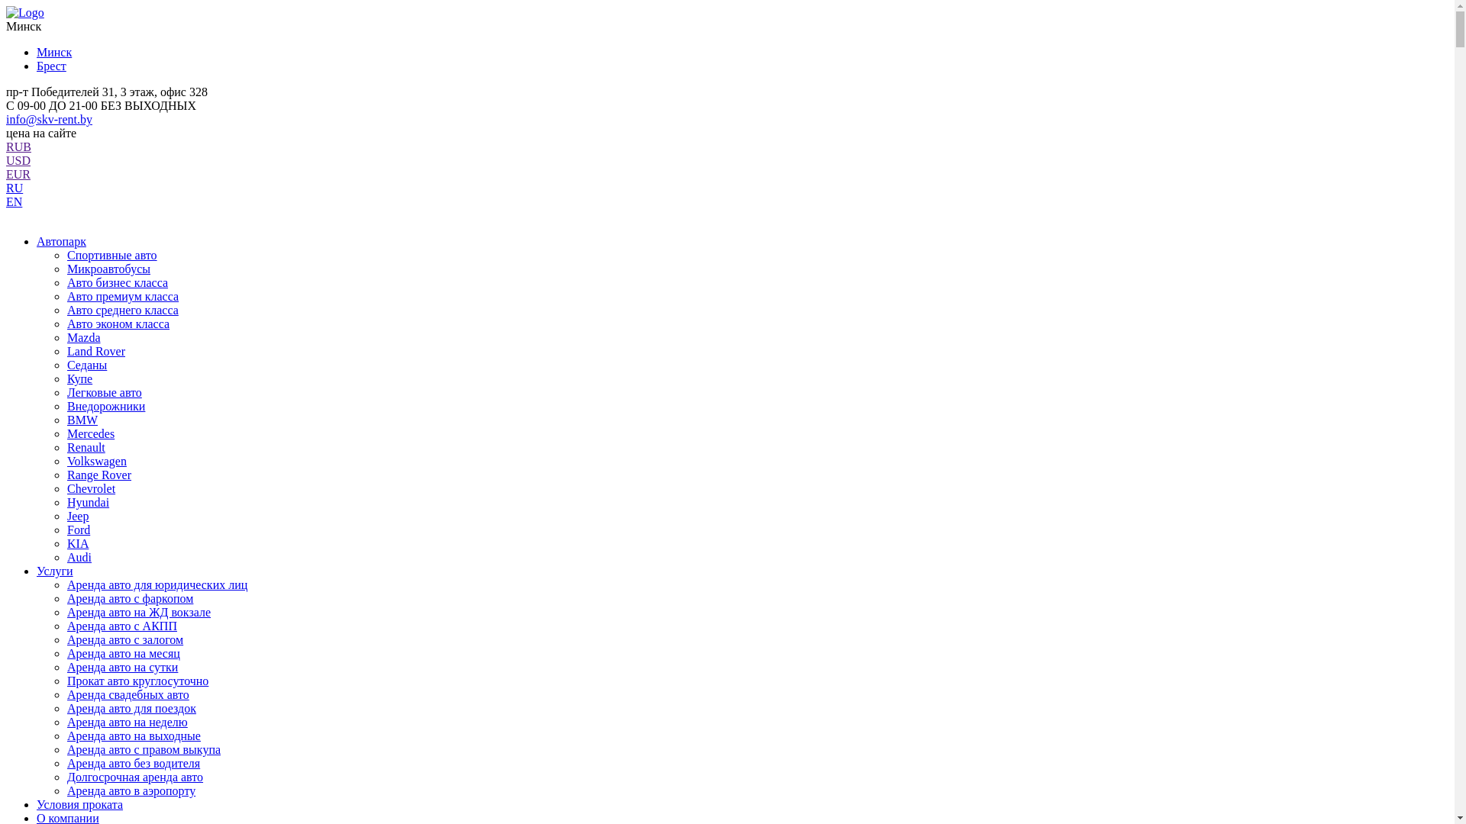  What do you see at coordinates (66, 515) in the screenshot?
I see `'Jeep'` at bounding box center [66, 515].